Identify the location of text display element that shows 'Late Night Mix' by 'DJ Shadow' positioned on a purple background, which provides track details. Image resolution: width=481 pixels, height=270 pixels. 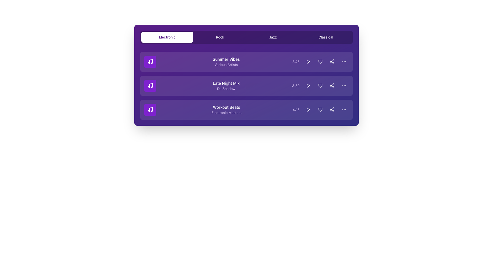
(226, 85).